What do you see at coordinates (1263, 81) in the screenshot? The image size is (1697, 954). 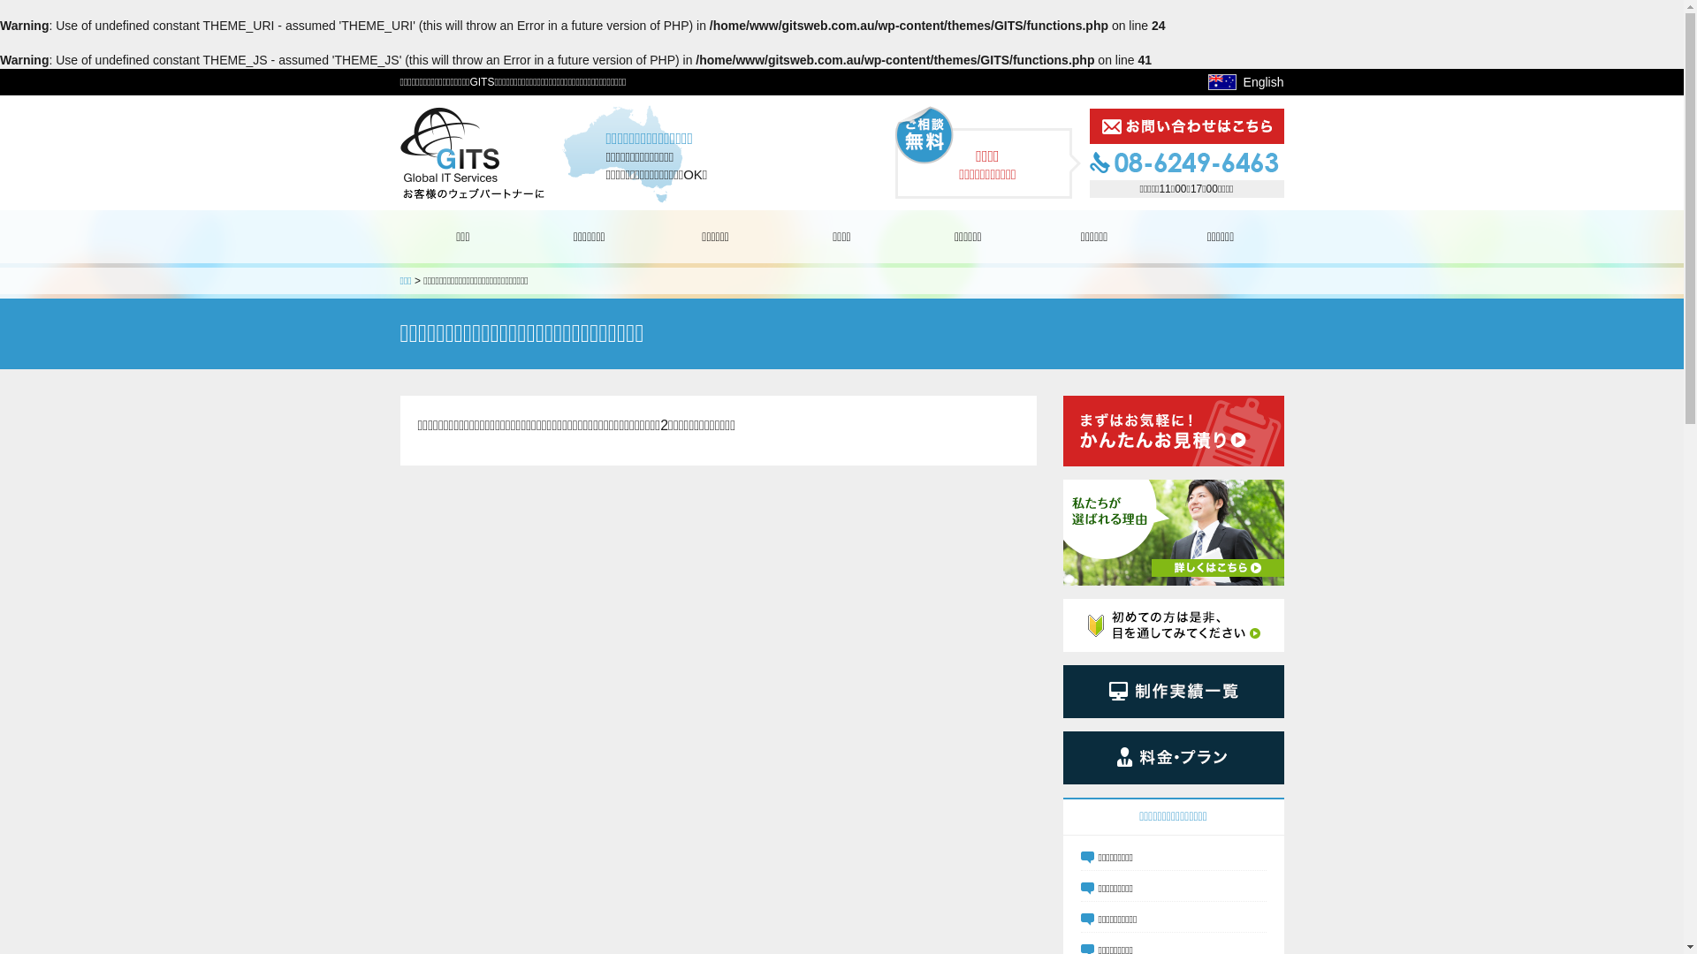 I see `'English'` at bounding box center [1263, 81].